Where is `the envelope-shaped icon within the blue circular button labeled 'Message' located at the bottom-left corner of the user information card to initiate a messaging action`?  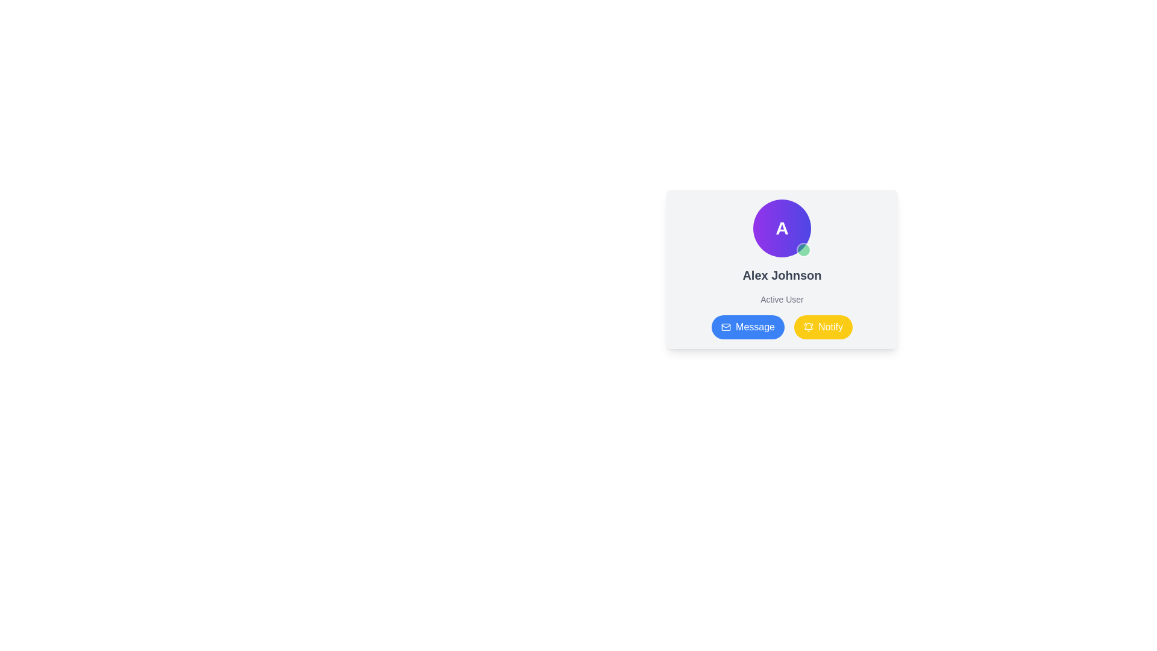
the envelope-shaped icon within the blue circular button labeled 'Message' located at the bottom-left corner of the user information card to initiate a messaging action is located at coordinates (725, 327).